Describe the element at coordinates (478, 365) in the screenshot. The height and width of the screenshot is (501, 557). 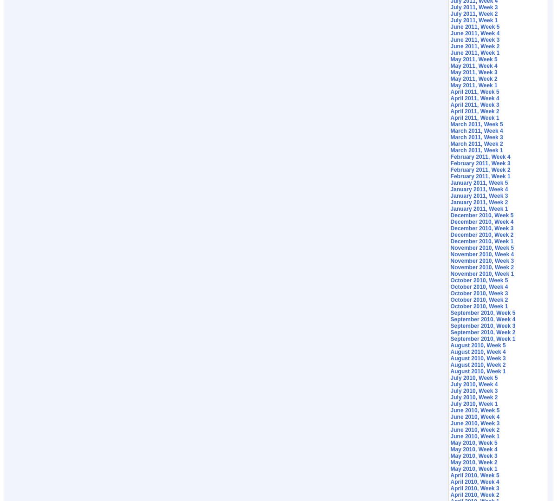
I see `'August 2010, Week 2'` at that location.